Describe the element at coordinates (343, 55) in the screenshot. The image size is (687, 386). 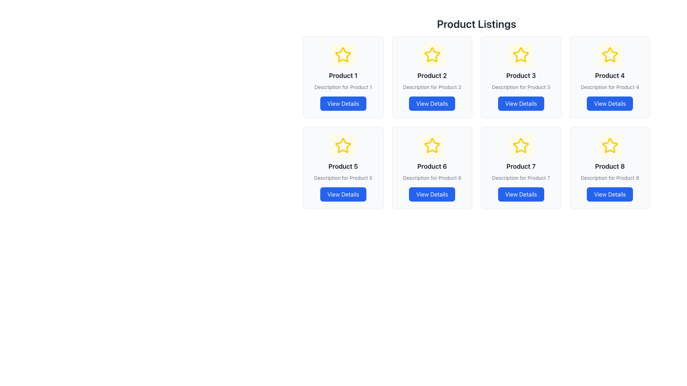
I see `the star-shaped icon with a yellow outline located in the top-left corner of the first product card in the product listing grid` at that location.